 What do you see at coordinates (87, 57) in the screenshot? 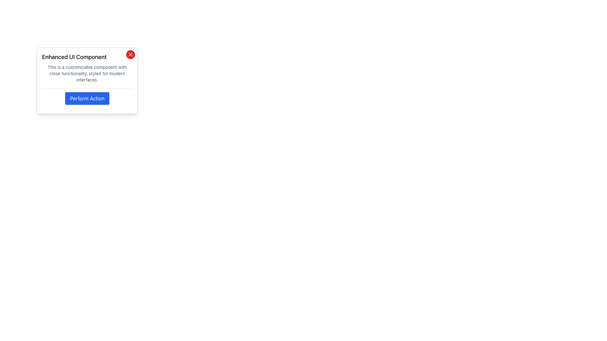
I see `the text label reading 'Enhanced UI Component'` at bounding box center [87, 57].